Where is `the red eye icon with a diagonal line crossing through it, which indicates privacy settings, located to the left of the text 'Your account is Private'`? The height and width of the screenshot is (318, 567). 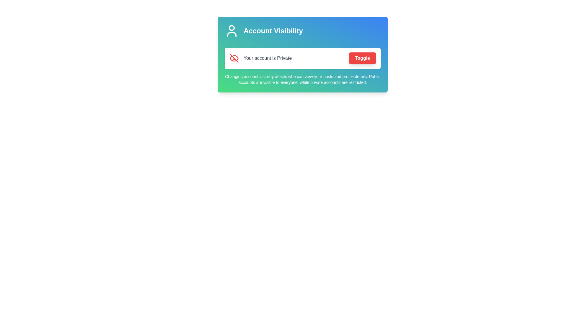 the red eye icon with a diagonal line crossing through it, which indicates privacy settings, located to the left of the text 'Your account is Private' is located at coordinates (234, 58).